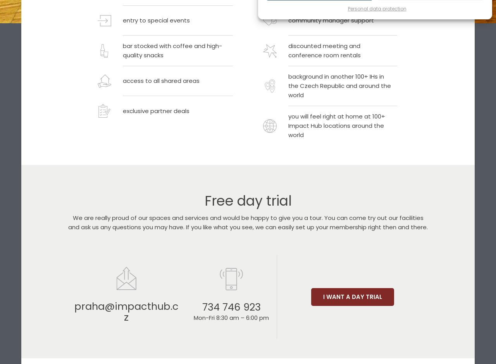 Image resolution: width=496 pixels, height=364 pixels. Describe the element at coordinates (156, 20) in the screenshot. I see `'entry to special events'` at that location.